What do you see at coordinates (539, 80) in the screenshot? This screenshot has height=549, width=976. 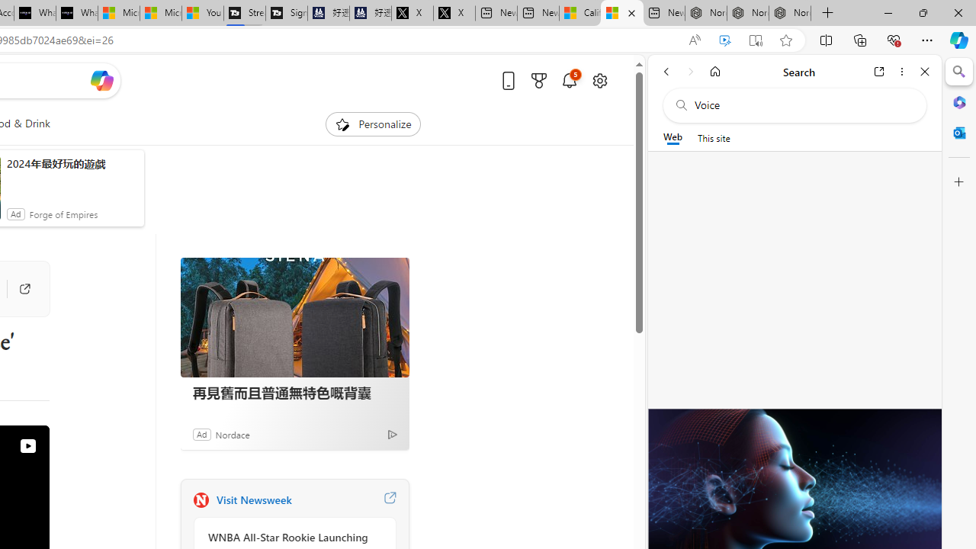 I see `'Microsoft rewards'` at bounding box center [539, 80].